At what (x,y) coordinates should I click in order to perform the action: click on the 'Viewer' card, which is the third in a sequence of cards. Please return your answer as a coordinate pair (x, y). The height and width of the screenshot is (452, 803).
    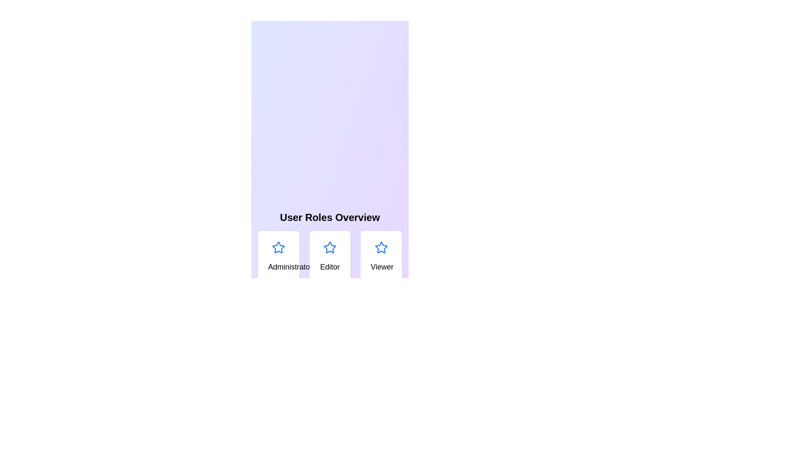
    Looking at the image, I should click on (381, 256).